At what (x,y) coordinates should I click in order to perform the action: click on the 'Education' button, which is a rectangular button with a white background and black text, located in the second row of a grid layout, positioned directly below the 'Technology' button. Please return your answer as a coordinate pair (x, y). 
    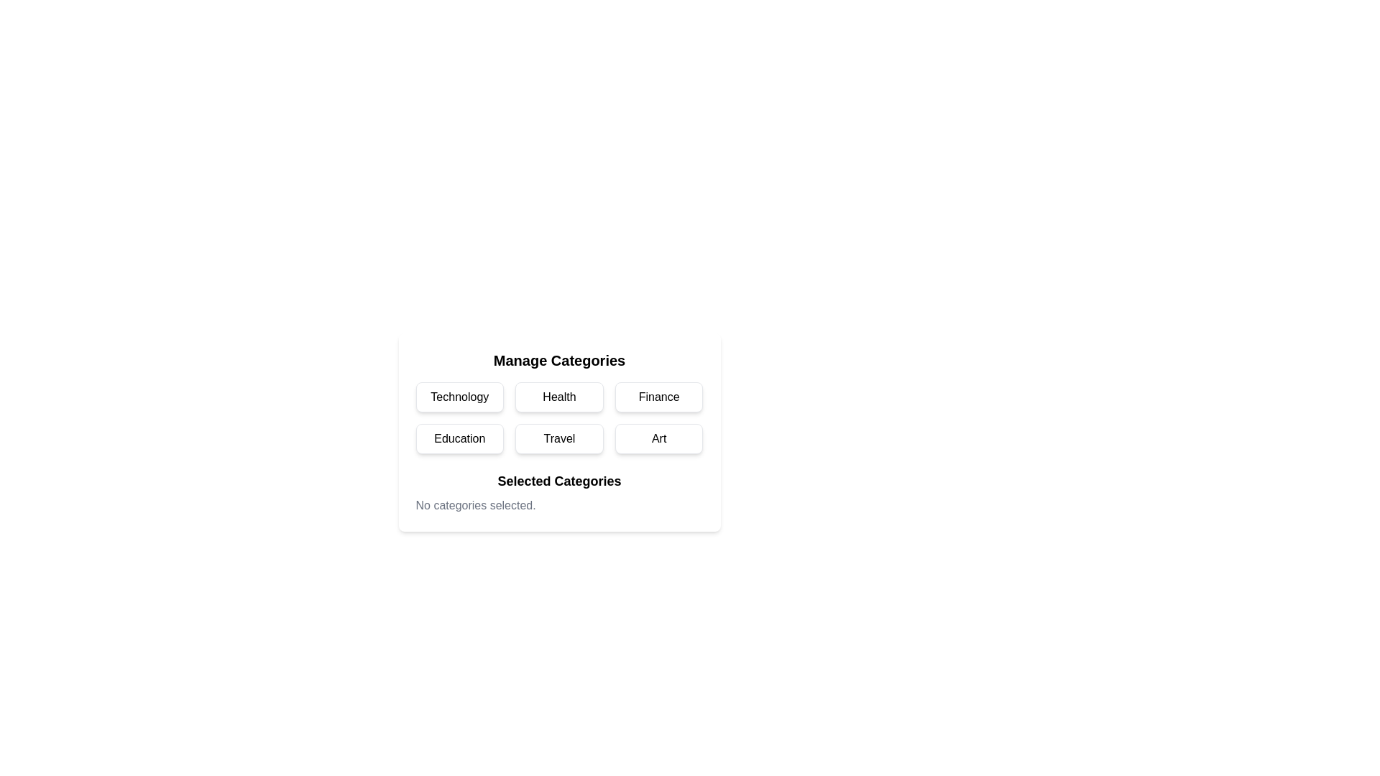
    Looking at the image, I should click on (459, 438).